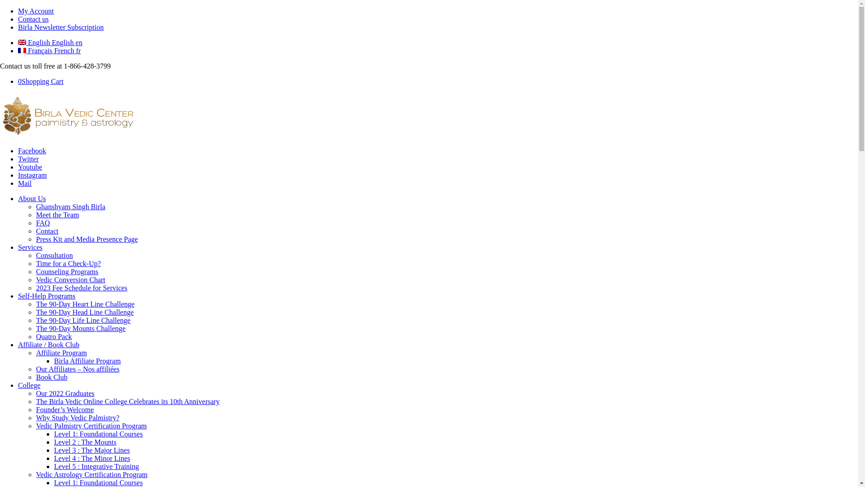 The width and height of the screenshot is (865, 487). Describe the element at coordinates (36, 336) in the screenshot. I see `'Quatro Pack'` at that location.